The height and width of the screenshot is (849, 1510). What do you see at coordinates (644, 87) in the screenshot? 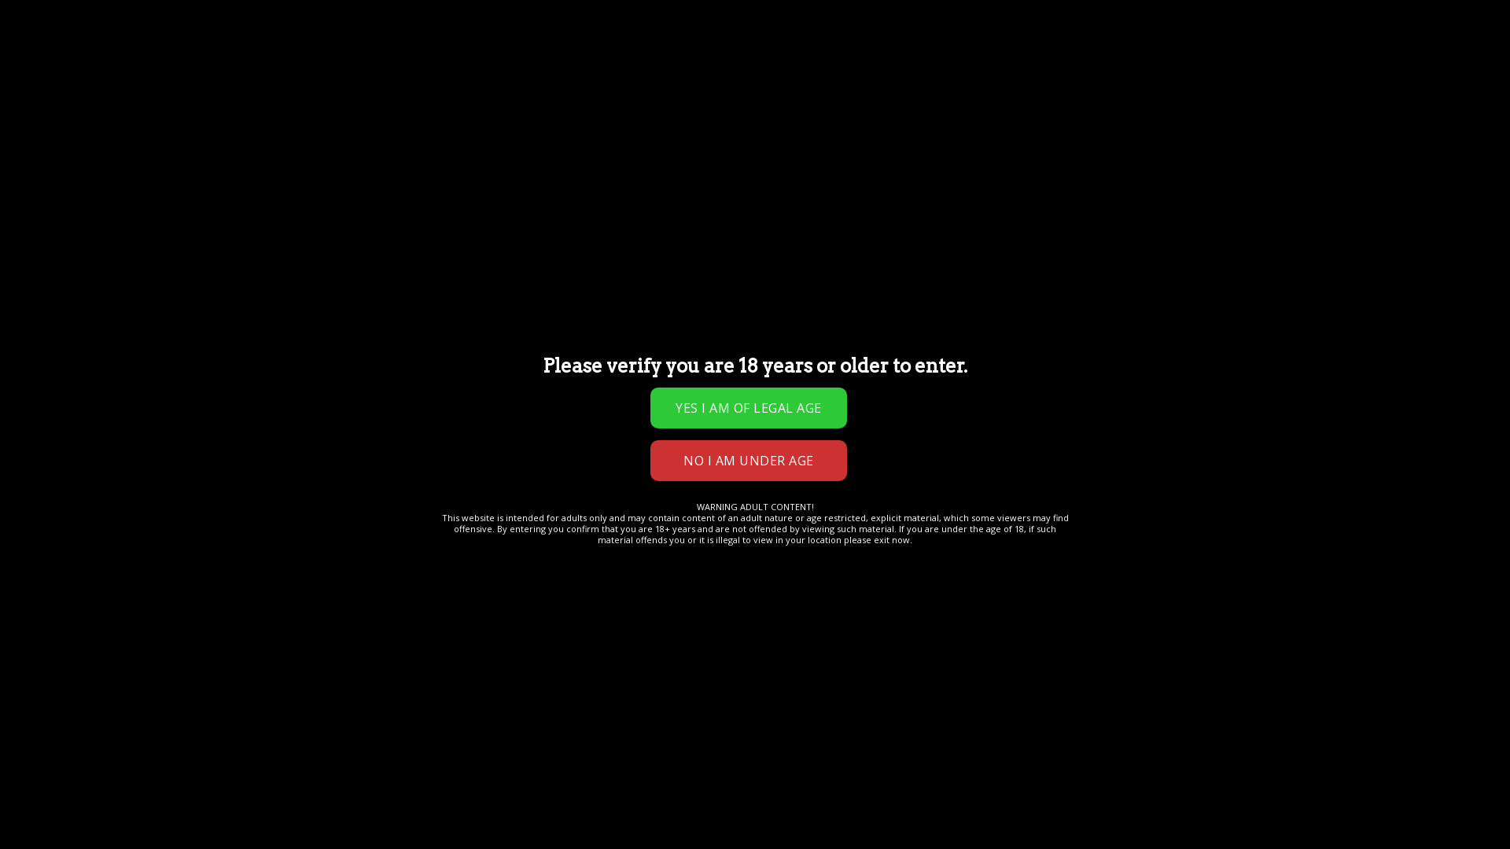
I see `'SOLVENTLESS'` at bounding box center [644, 87].